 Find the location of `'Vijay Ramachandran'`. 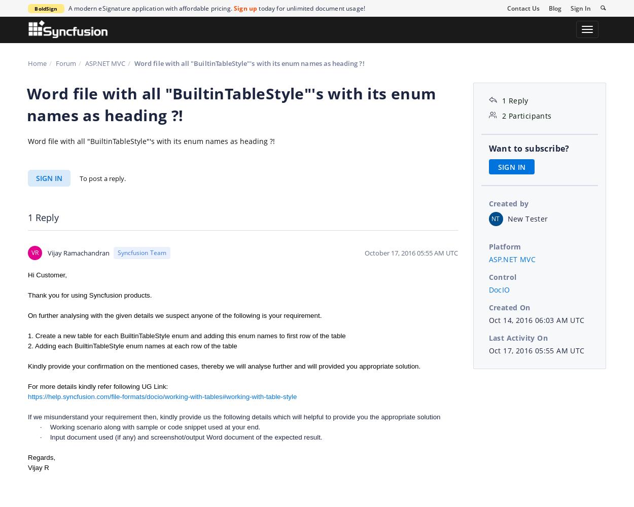

'Vijay Ramachandran' is located at coordinates (79, 252).